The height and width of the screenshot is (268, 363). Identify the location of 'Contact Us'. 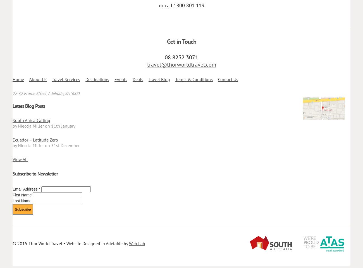
(228, 79).